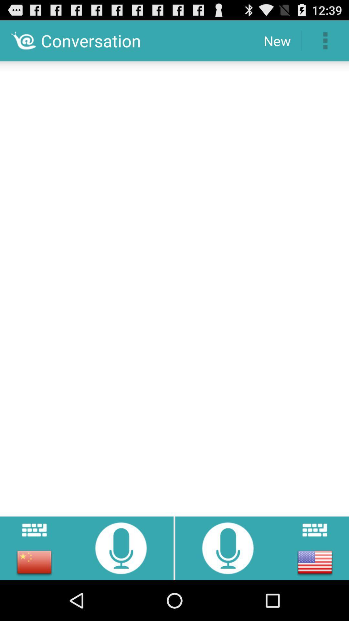  What do you see at coordinates (277, 40) in the screenshot?
I see `the item to the right of the conversation icon` at bounding box center [277, 40].